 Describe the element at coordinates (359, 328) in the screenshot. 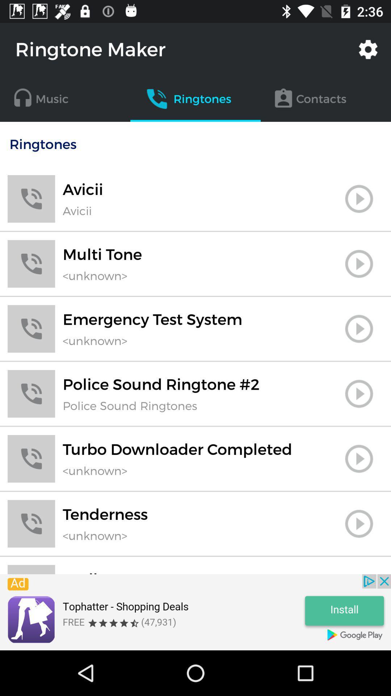

I see `button` at that location.